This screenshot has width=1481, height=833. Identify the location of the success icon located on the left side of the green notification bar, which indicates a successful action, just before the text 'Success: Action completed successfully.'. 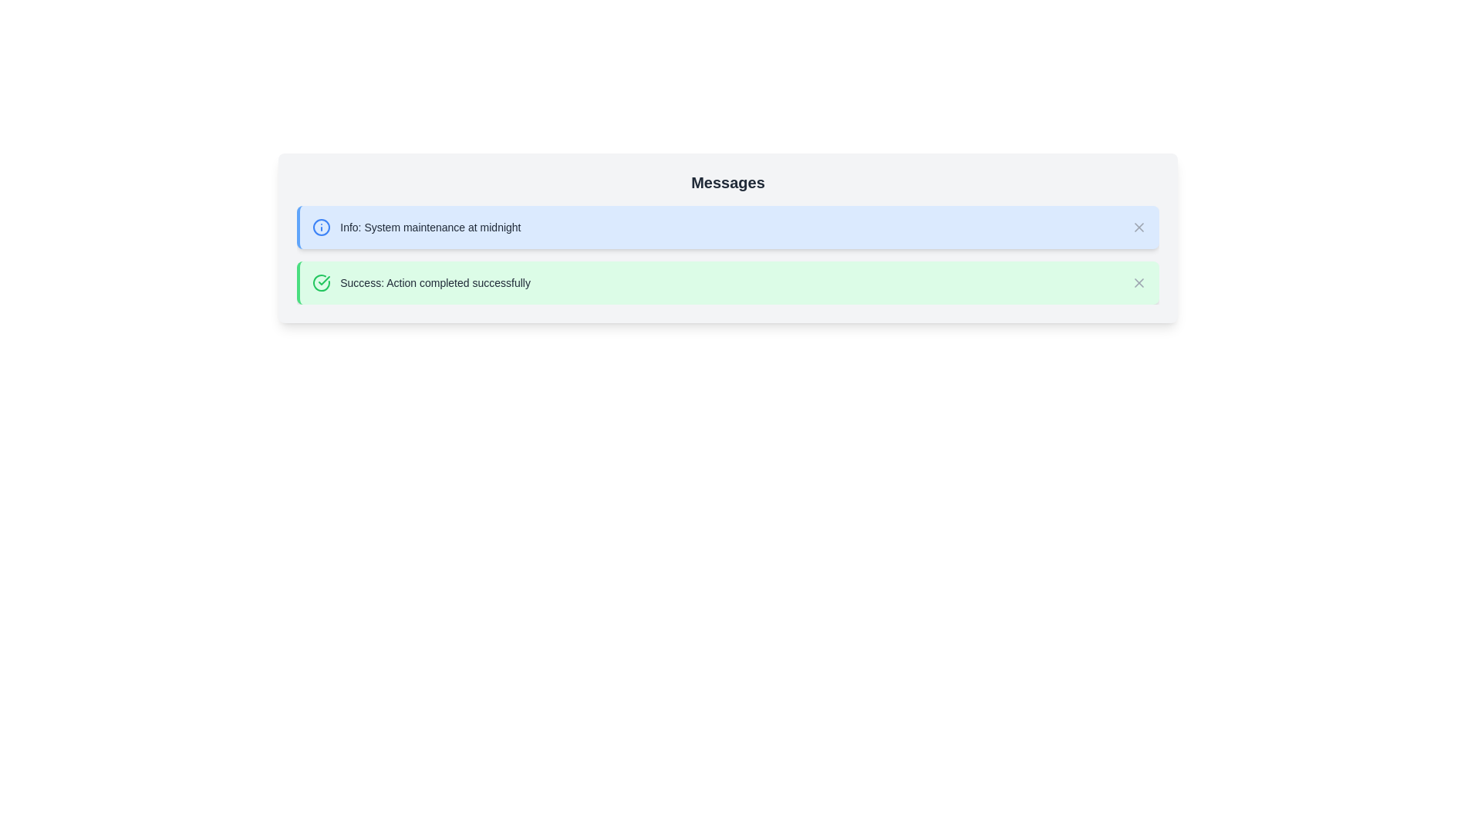
(321, 282).